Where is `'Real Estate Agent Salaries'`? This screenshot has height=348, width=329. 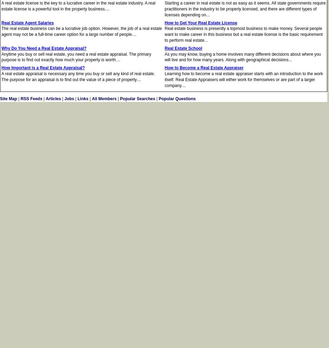 'Real Estate Agent Salaries' is located at coordinates (27, 22).